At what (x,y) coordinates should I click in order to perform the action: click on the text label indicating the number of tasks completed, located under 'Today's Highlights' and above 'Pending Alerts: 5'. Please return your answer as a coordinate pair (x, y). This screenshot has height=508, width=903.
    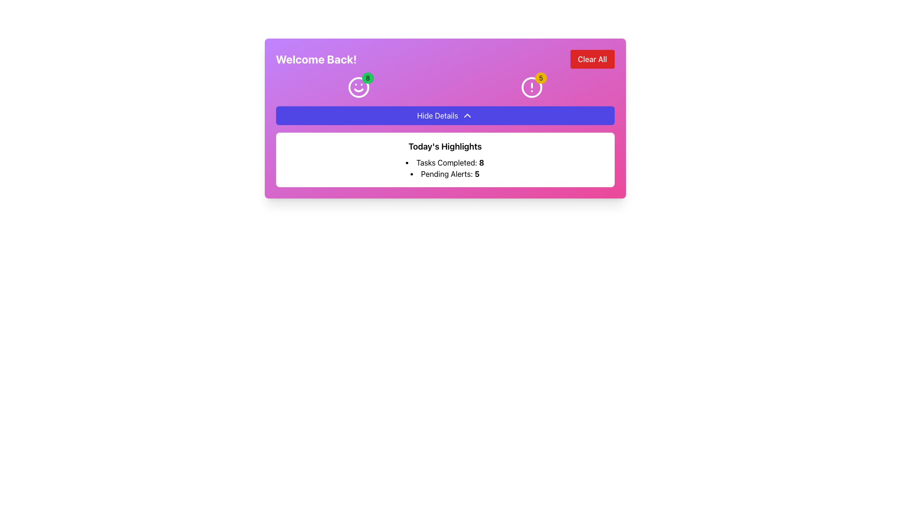
    Looking at the image, I should click on (444, 162).